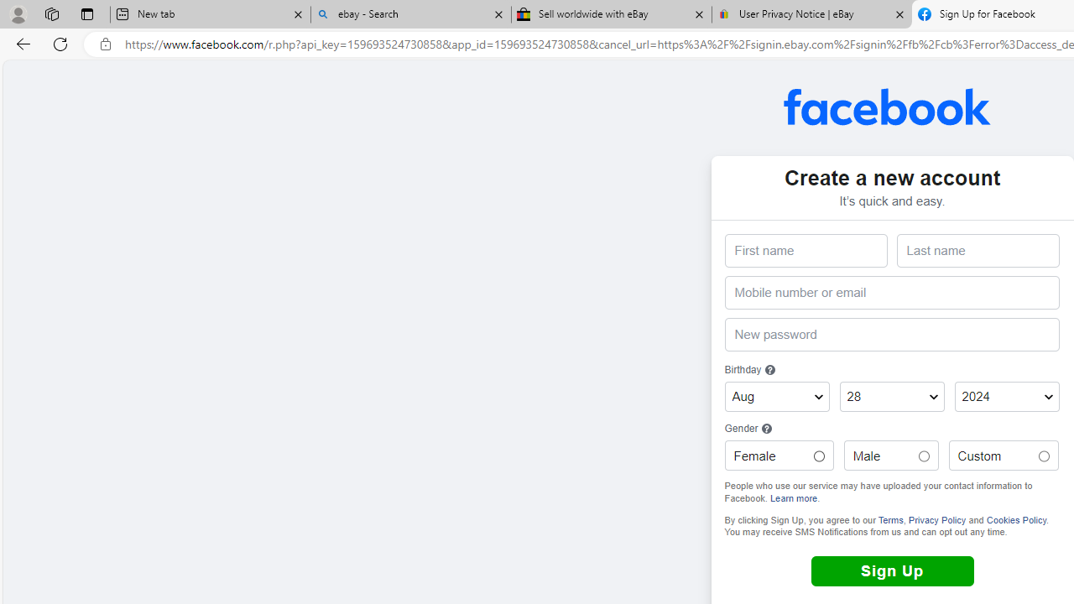  What do you see at coordinates (891, 397) in the screenshot?
I see `'Day'` at bounding box center [891, 397].